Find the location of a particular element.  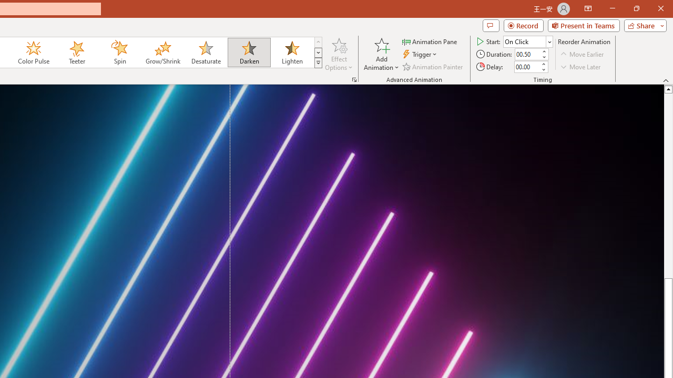

'More Options...' is located at coordinates (354, 79).